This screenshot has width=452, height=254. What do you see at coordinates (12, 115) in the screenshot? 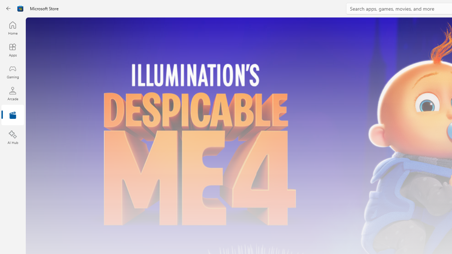
I see `'Entertainment'` at bounding box center [12, 115].